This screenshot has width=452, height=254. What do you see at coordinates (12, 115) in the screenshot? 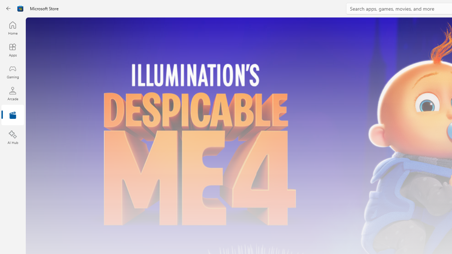
I see `'Entertainment'` at bounding box center [12, 115].